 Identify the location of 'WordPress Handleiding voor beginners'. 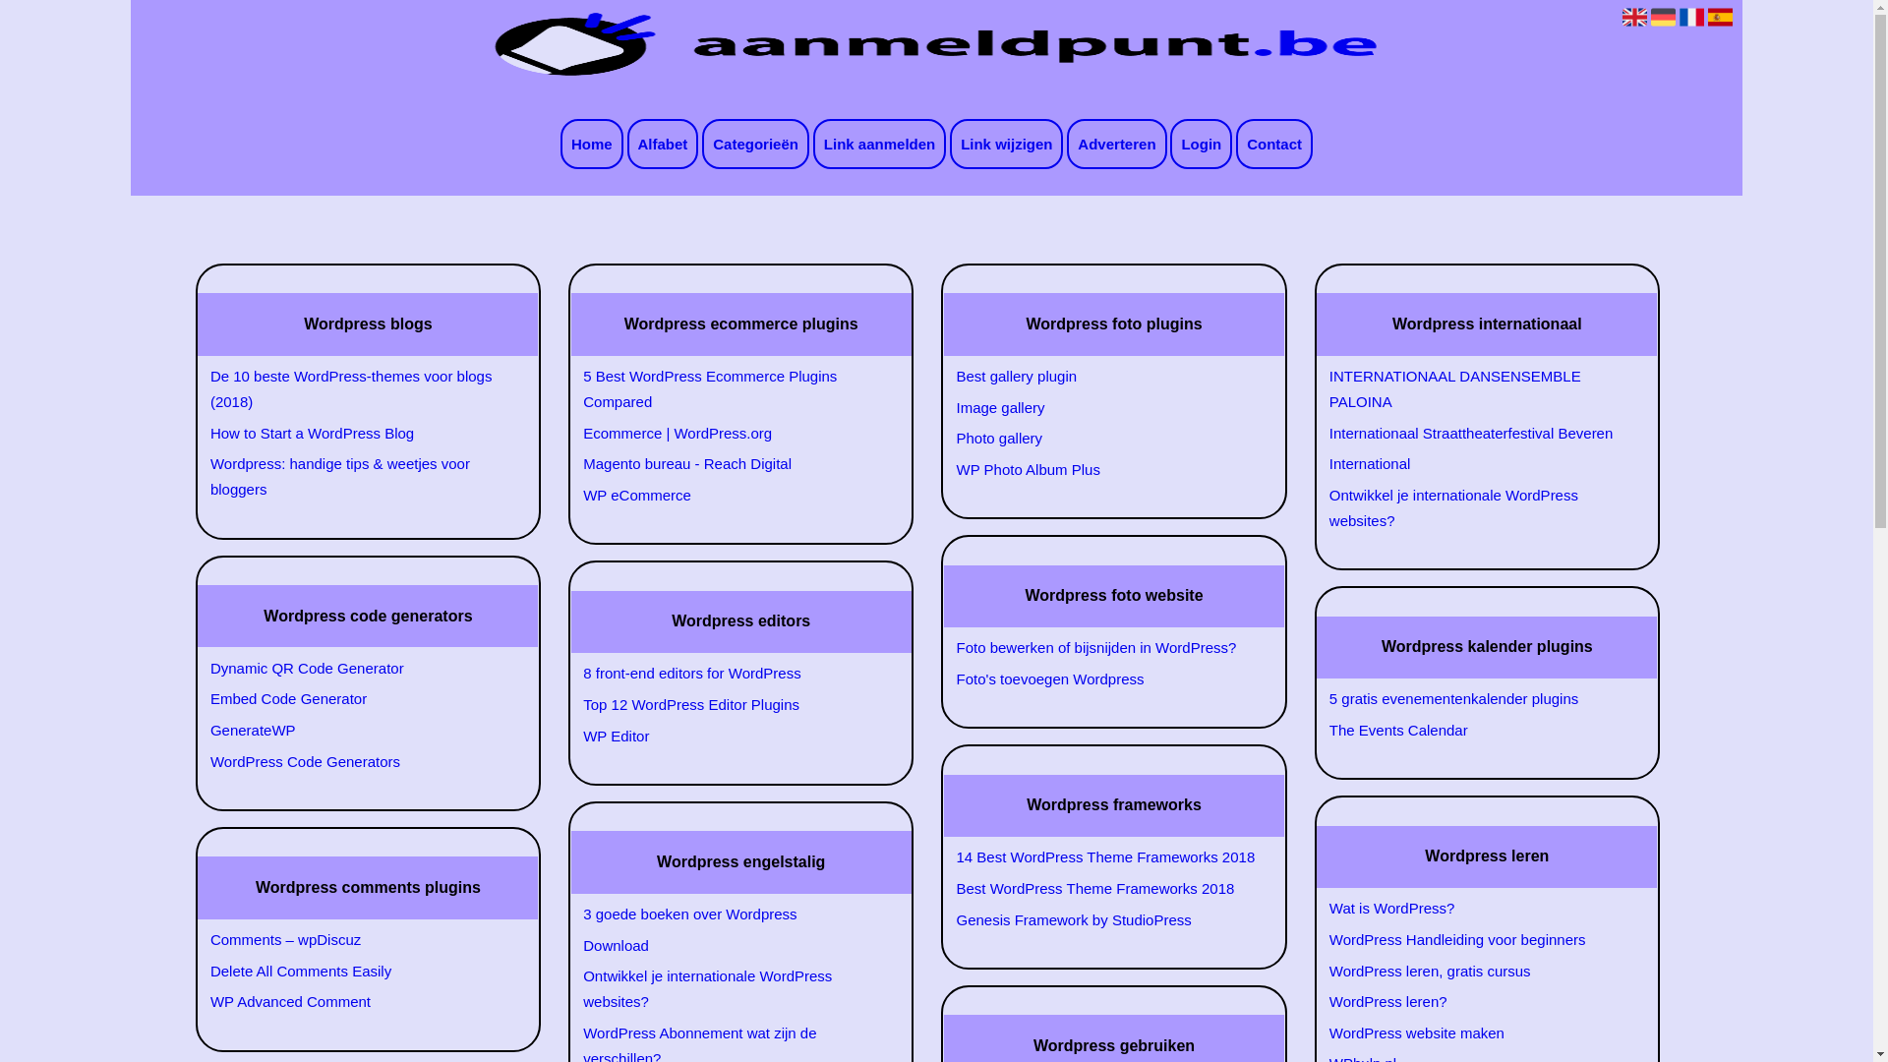
(1476, 939).